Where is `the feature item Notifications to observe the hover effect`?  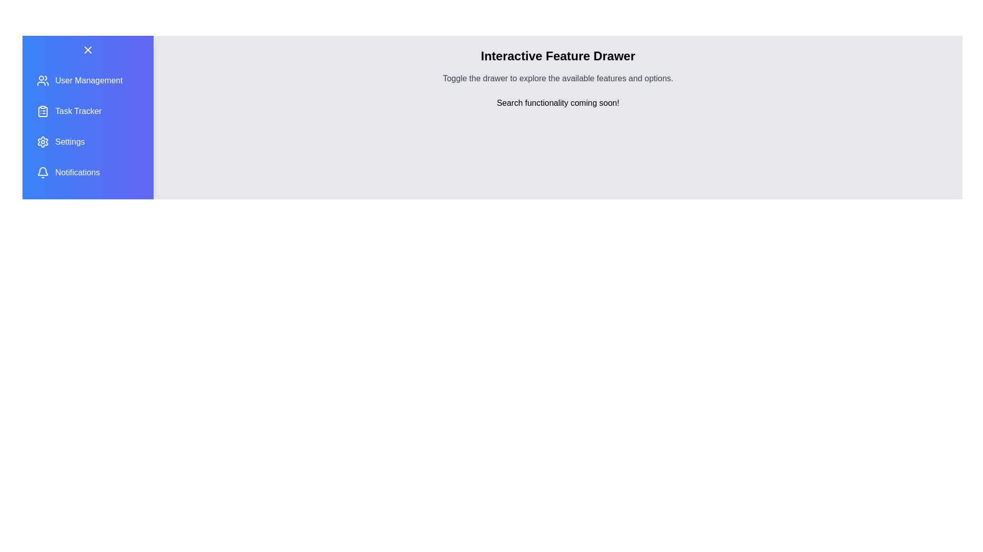
the feature item Notifications to observe the hover effect is located at coordinates (88, 172).